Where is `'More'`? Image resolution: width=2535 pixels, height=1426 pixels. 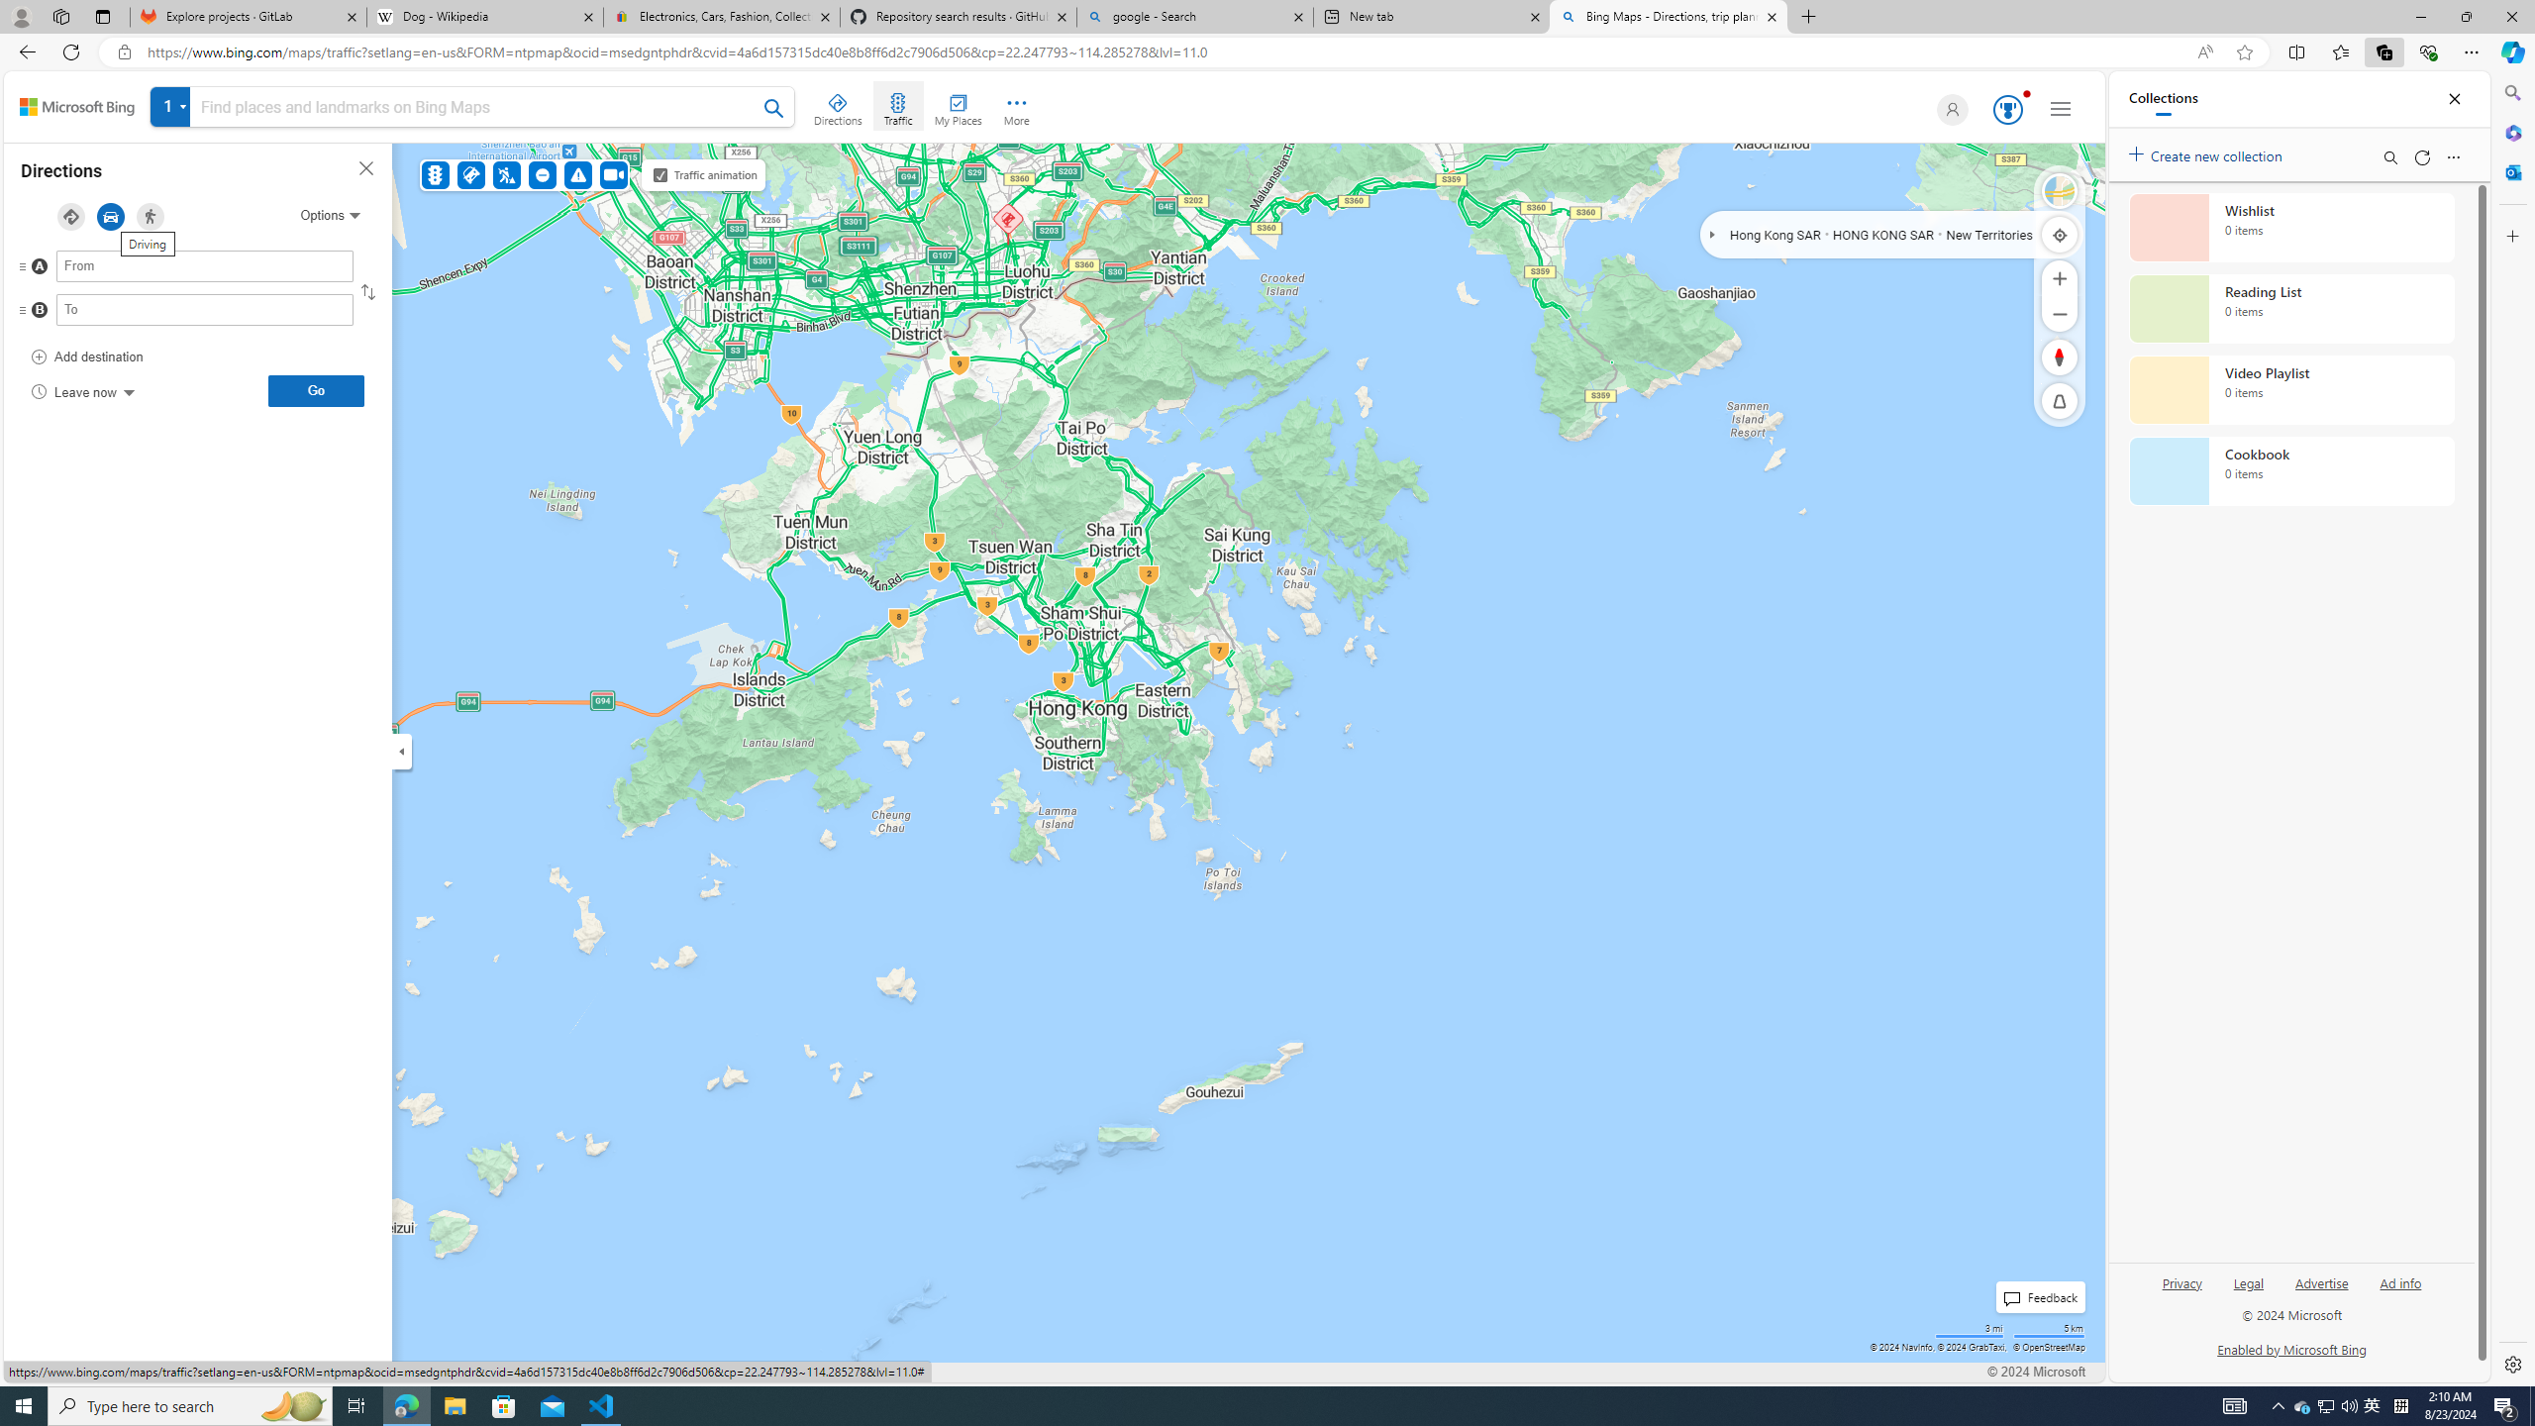
'More' is located at coordinates (1016, 106).